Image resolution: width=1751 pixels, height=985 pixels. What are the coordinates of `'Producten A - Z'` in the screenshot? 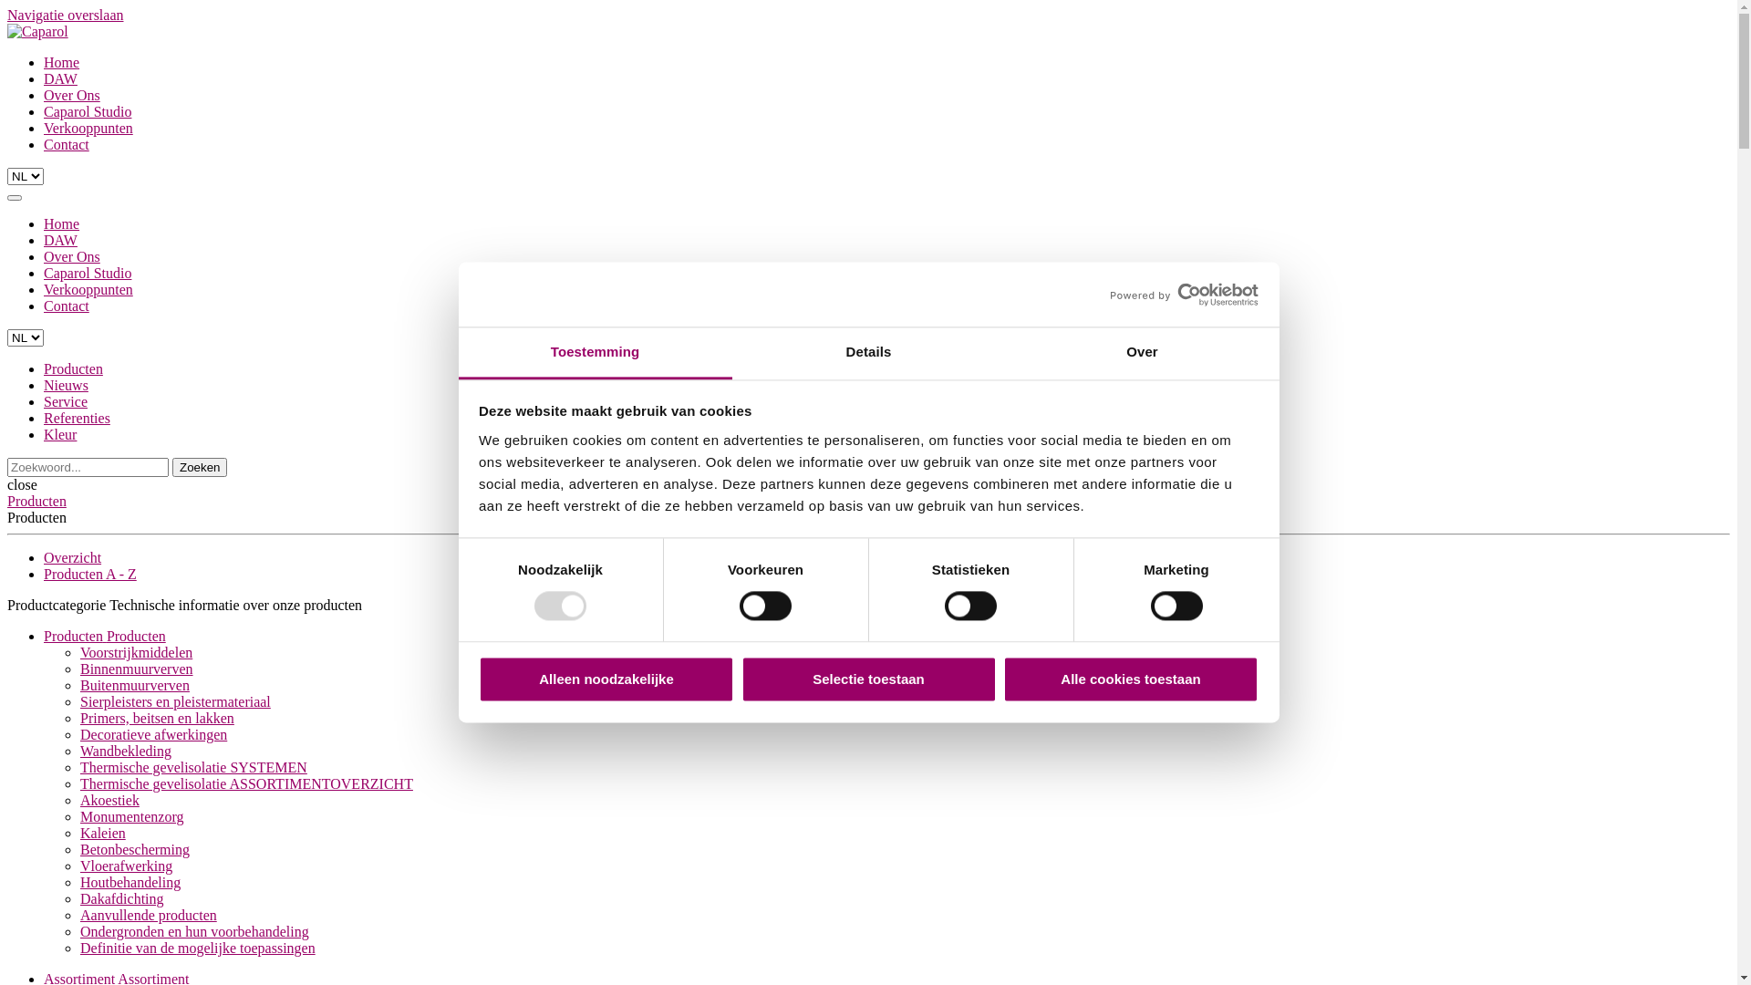 It's located at (89, 573).